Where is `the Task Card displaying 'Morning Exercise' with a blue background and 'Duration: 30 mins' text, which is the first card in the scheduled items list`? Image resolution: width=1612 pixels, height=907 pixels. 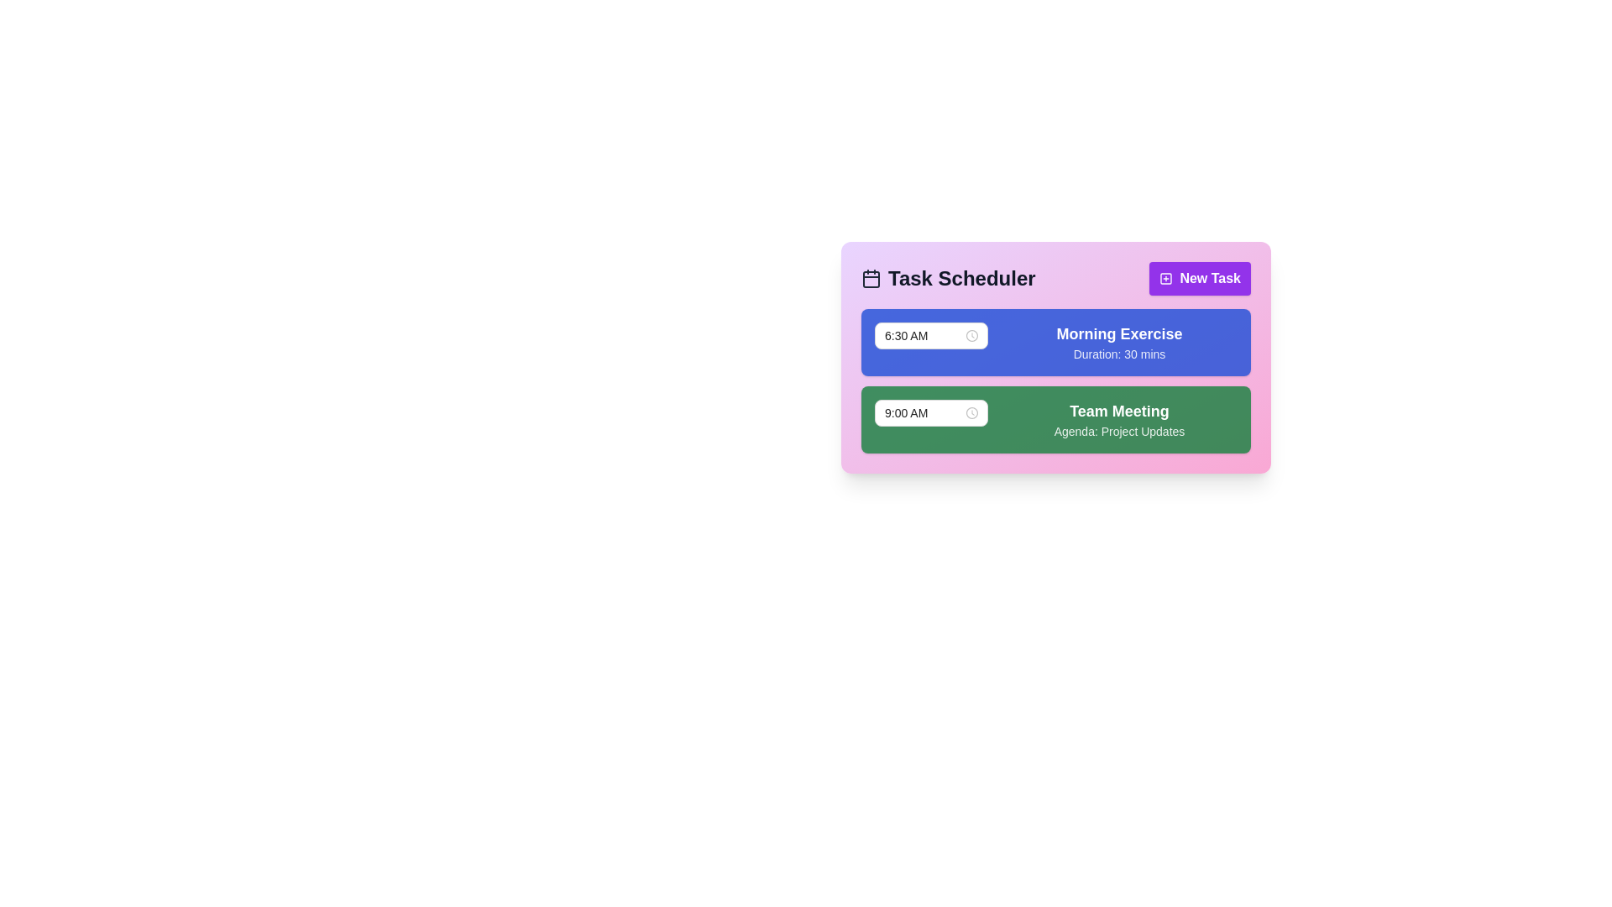
the Task Card displaying 'Morning Exercise' with a blue background and 'Duration: 30 mins' text, which is the first card in the scheduled items list is located at coordinates (1055, 342).